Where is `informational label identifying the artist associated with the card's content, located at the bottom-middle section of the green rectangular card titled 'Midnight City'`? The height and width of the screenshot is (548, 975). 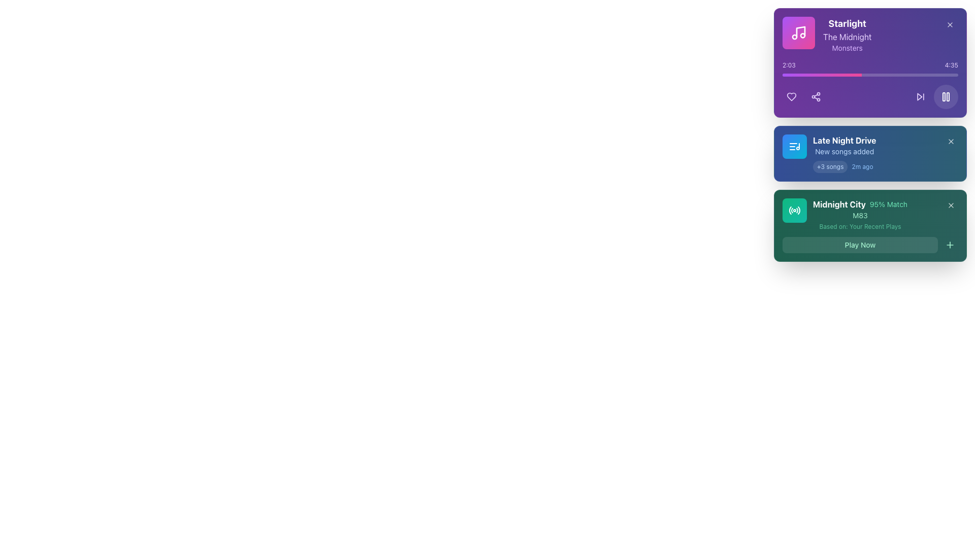 informational label identifying the artist associated with the card's content, located at the bottom-middle section of the green rectangular card titled 'Midnight City' is located at coordinates (860, 215).